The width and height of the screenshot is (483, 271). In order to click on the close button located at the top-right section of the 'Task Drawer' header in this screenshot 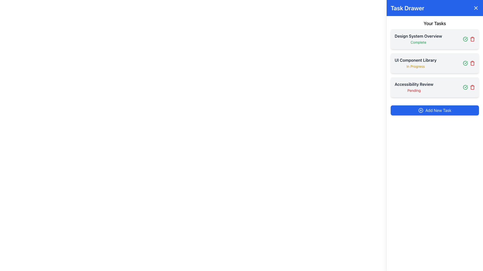, I will do `click(475, 8)`.